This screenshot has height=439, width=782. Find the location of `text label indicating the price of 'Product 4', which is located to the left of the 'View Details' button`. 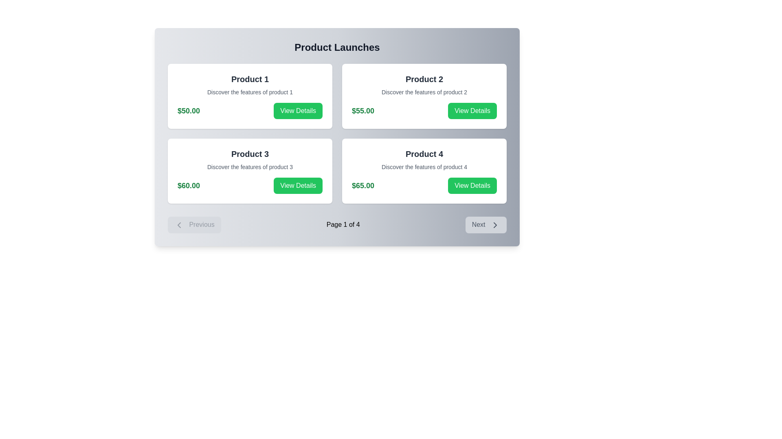

text label indicating the price of 'Product 4', which is located to the left of the 'View Details' button is located at coordinates (362, 185).